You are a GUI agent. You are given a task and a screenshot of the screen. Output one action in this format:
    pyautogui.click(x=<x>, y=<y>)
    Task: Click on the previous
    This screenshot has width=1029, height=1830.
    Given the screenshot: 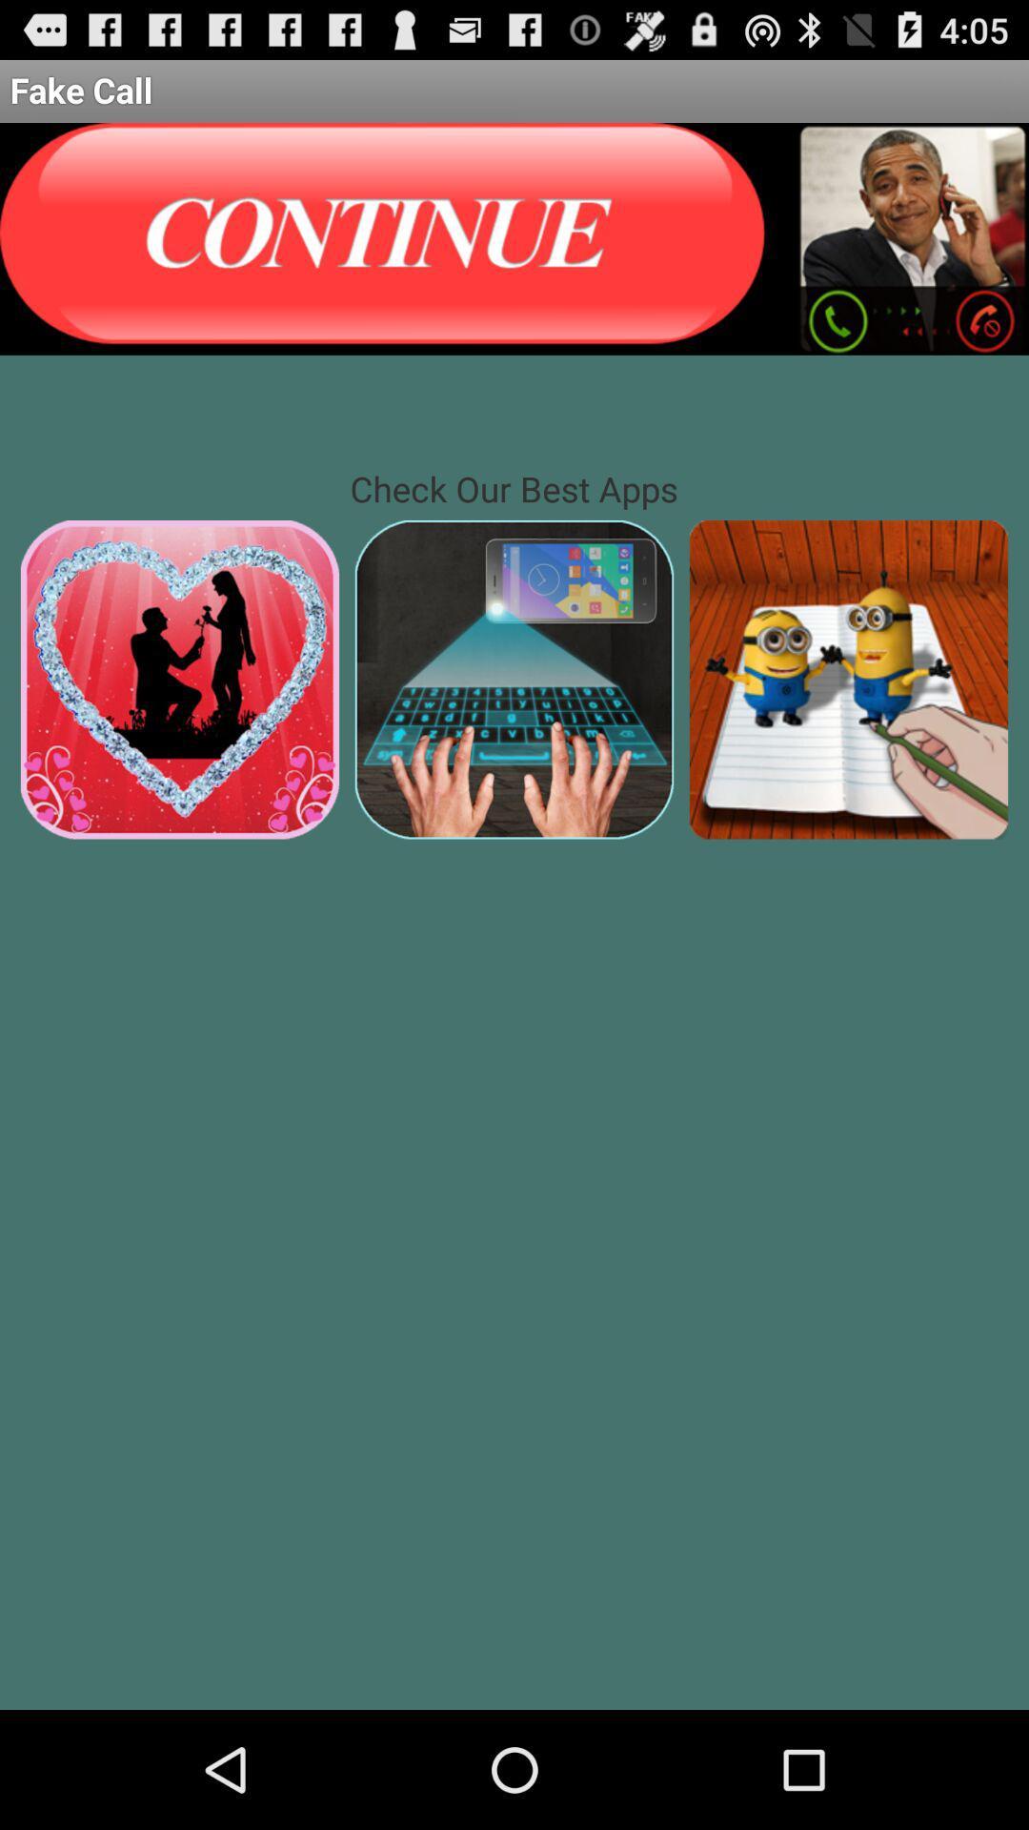 What is the action you would take?
    pyautogui.click(x=386, y=237)
    